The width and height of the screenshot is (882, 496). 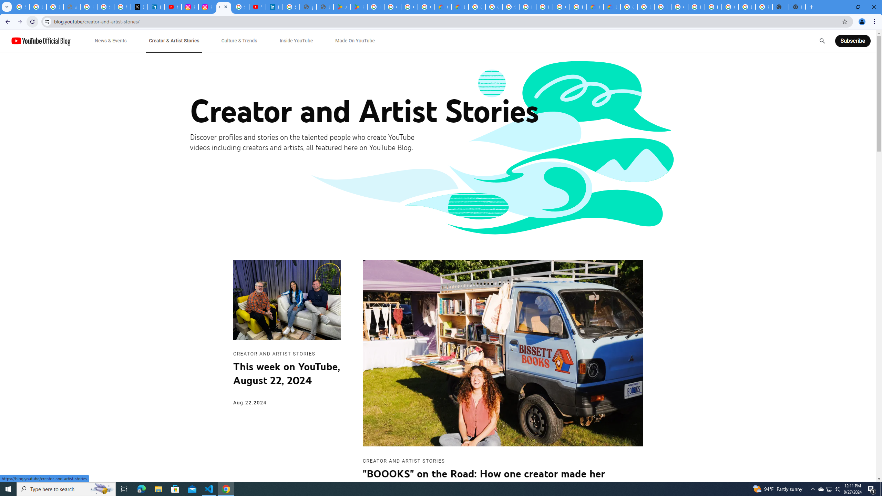 I want to click on 'Open Search', so click(x=822, y=41).